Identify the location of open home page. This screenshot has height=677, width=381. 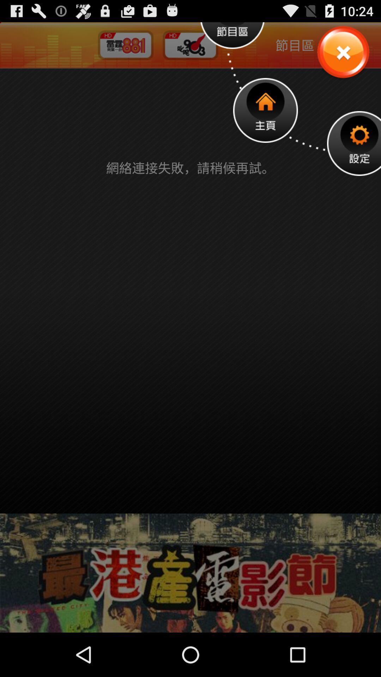
(265, 110).